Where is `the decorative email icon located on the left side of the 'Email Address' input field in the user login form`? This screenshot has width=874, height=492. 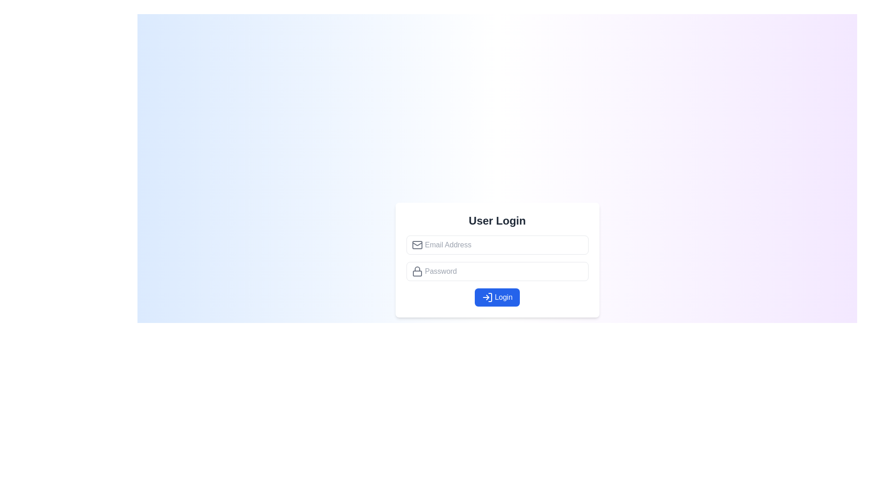
the decorative email icon located on the left side of the 'Email Address' input field in the user login form is located at coordinates (417, 244).